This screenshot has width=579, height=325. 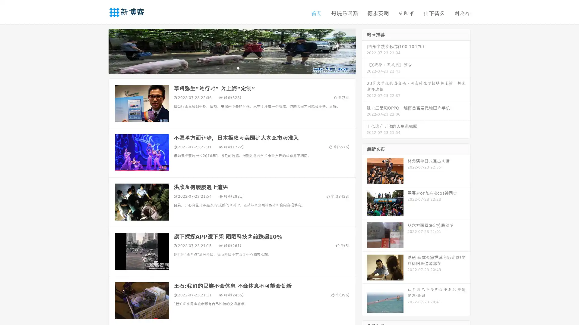 What do you see at coordinates (364, 51) in the screenshot?
I see `Next slide` at bounding box center [364, 51].